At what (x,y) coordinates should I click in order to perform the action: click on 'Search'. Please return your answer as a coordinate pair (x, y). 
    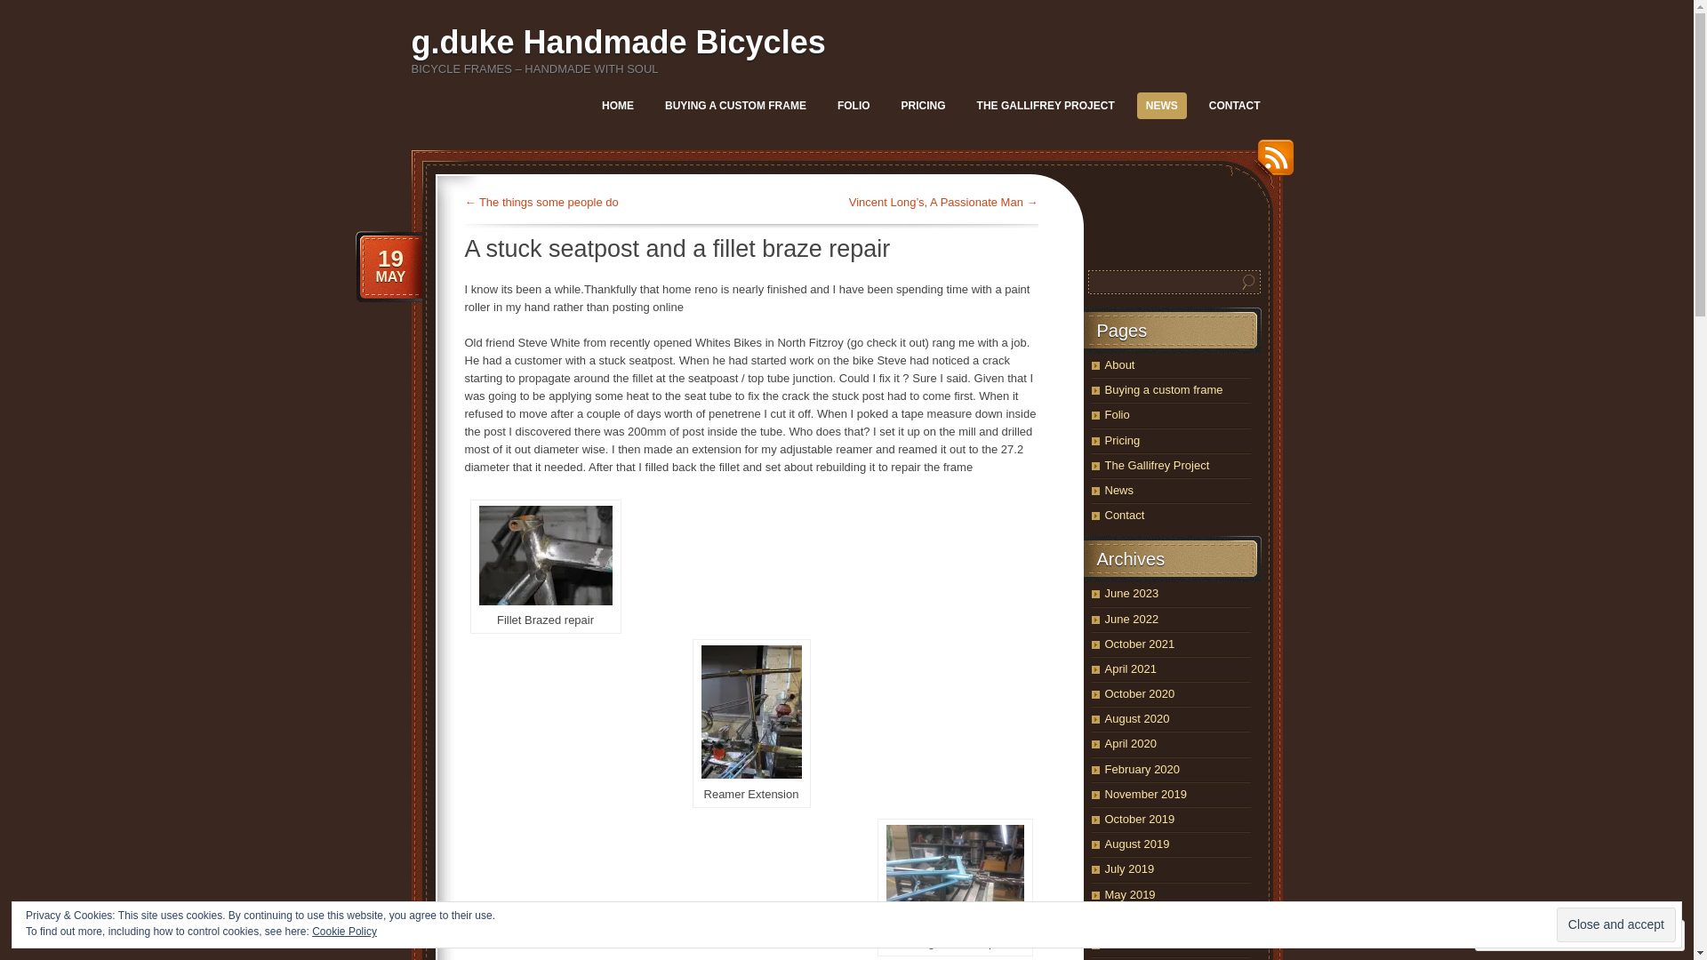
    Looking at the image, I should click on (1246, 281).